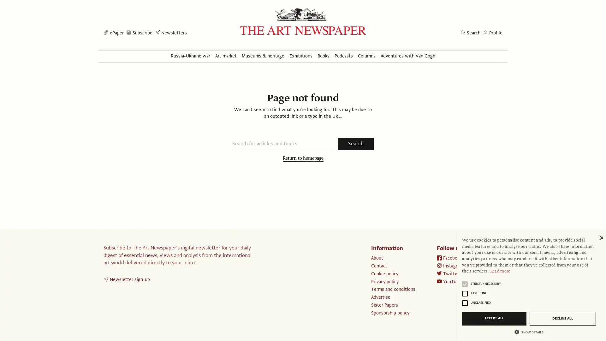 This screenshot has width=606, height=341. What do you see at coordinates (562, 318) in the screenshot?
I see `DECLINE ALL` at bounding box center [562, 318].